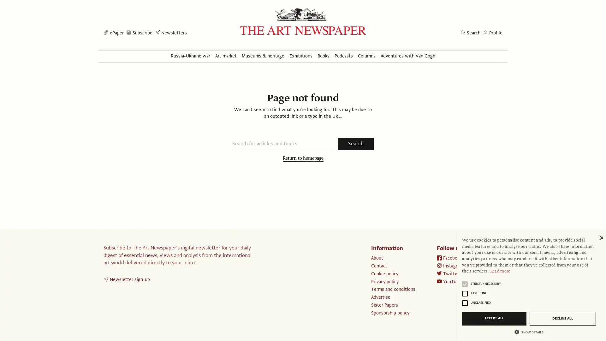 This screenshot has width=606, height=341. What do you see at coordinates (562, 318) in the screenshot?
I see `DECLINE ALL` at bounding box center [562, 318].